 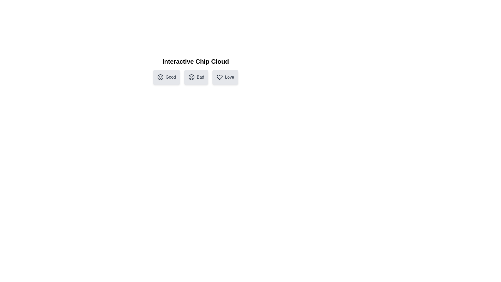 What do you see at coordinates (166, 77) in the screenshot?
I see `the chip labeled Good to activate it` at bounding box center [166, 77].